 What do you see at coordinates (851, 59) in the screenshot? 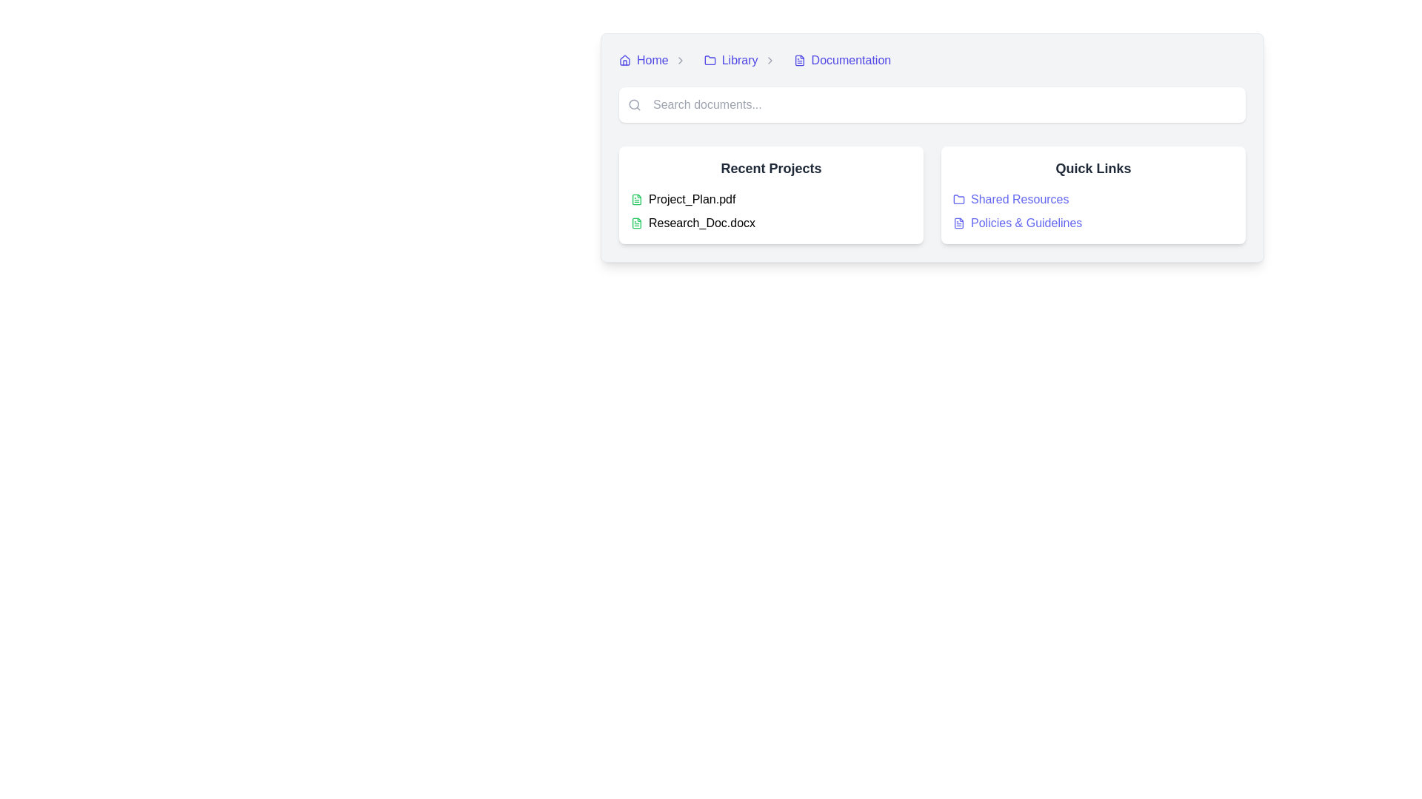
I see `the hyperlink located on the right side of the breadcrumb navigation bar, adjacent to the 'Library' link` at bounding box center [851, 59].